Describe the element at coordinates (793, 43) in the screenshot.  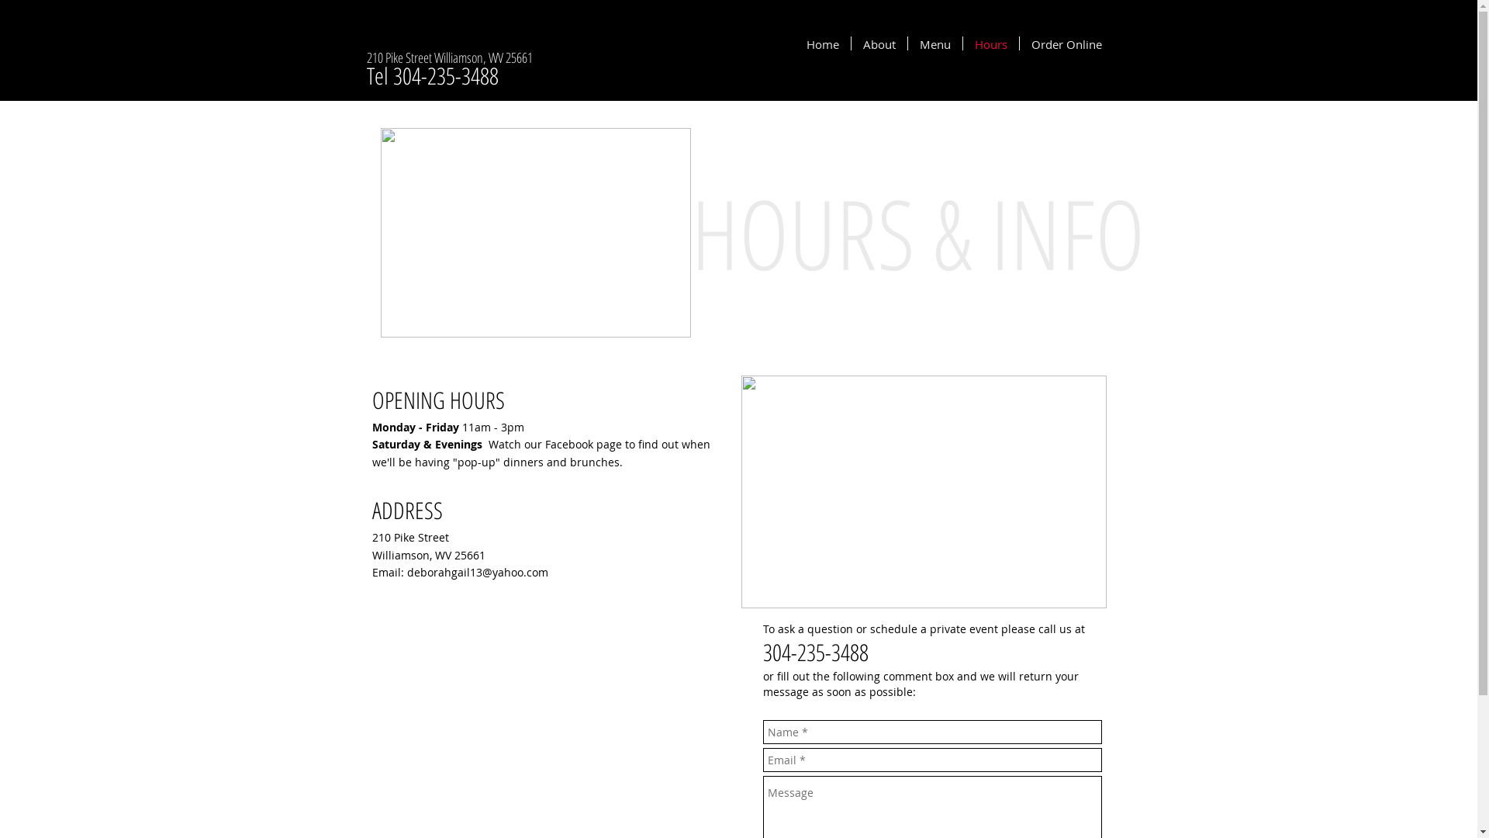
I see `'Home'` at that location.